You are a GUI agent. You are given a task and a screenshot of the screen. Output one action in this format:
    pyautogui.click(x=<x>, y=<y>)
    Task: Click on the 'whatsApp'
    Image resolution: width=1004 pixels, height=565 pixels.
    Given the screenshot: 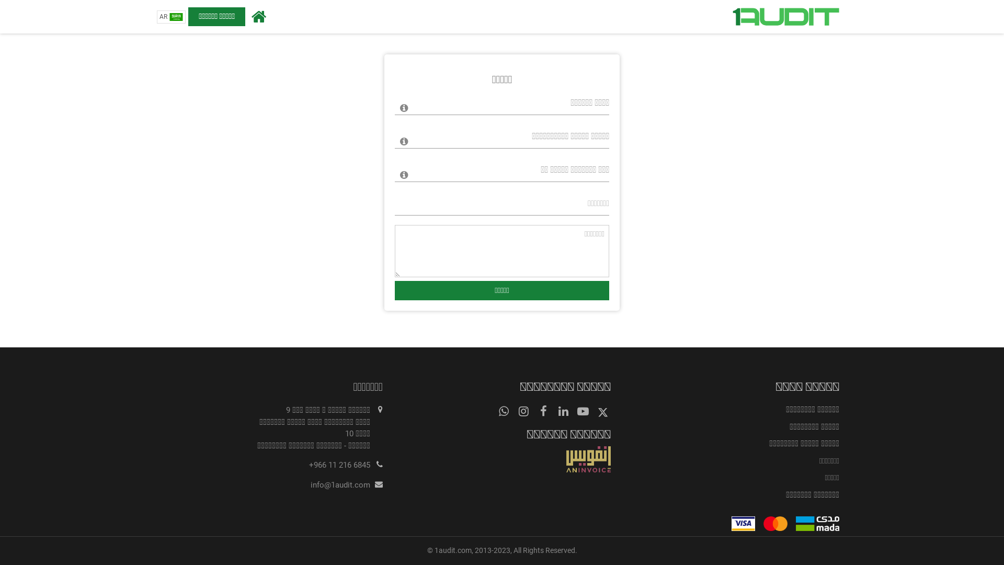 What is the action you would take?
    pyautogui.click(x=504, y=411)
    